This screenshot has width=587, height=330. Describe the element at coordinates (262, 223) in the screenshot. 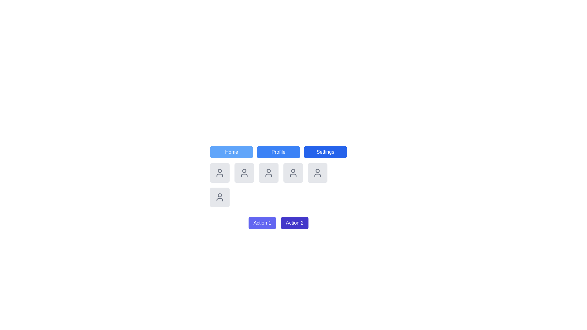

I see `the button labeled 'Action 1' with a blue background and white text to initiate its action` at that location.